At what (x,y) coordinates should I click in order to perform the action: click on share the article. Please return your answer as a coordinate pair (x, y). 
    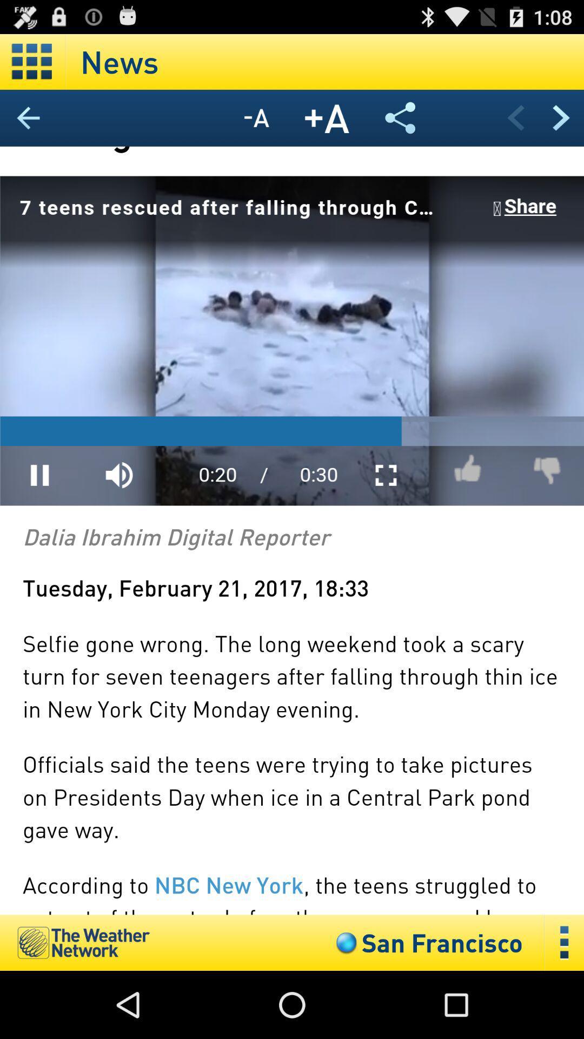
    Looking at the image, I should click on (400, 117).